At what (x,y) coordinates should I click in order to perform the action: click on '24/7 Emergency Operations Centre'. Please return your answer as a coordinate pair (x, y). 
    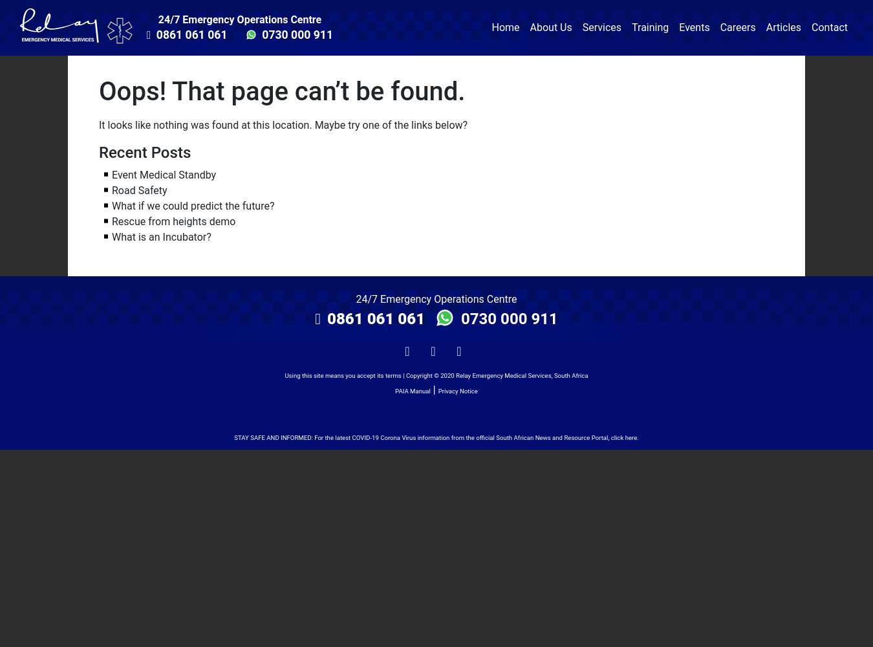
    Looking at the image, I should click on (436, 298).